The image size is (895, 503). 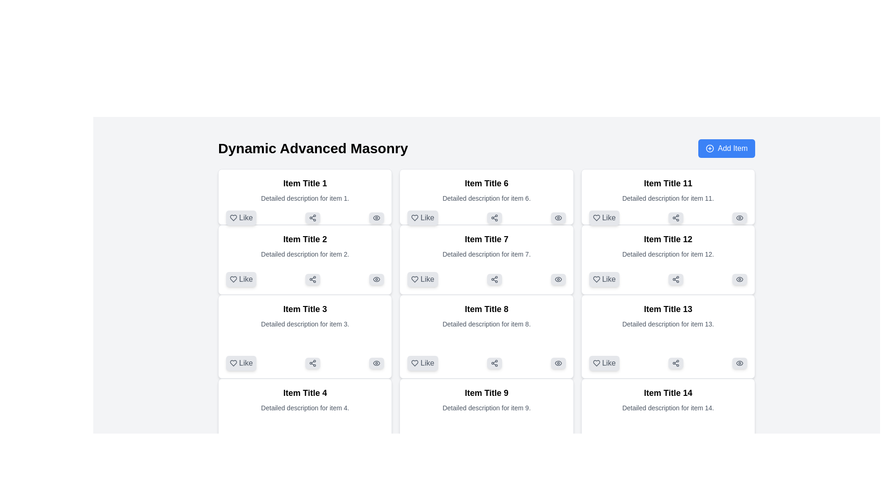 I want to click on the rounded rectangular 'Like' button with a heart outline icon located at the bottom-left corner of the card labeled 'Item Title 12', so click(x=604, y=279).